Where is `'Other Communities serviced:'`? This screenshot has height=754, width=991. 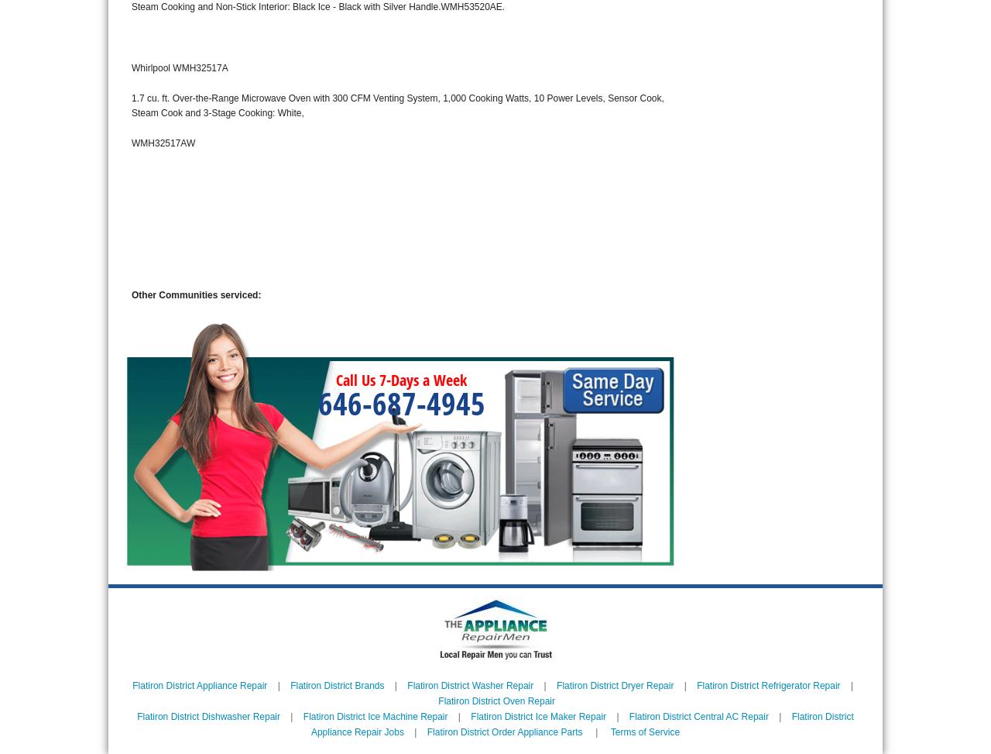
'Other Communities serviced:' is located at coordinates (195, 294).